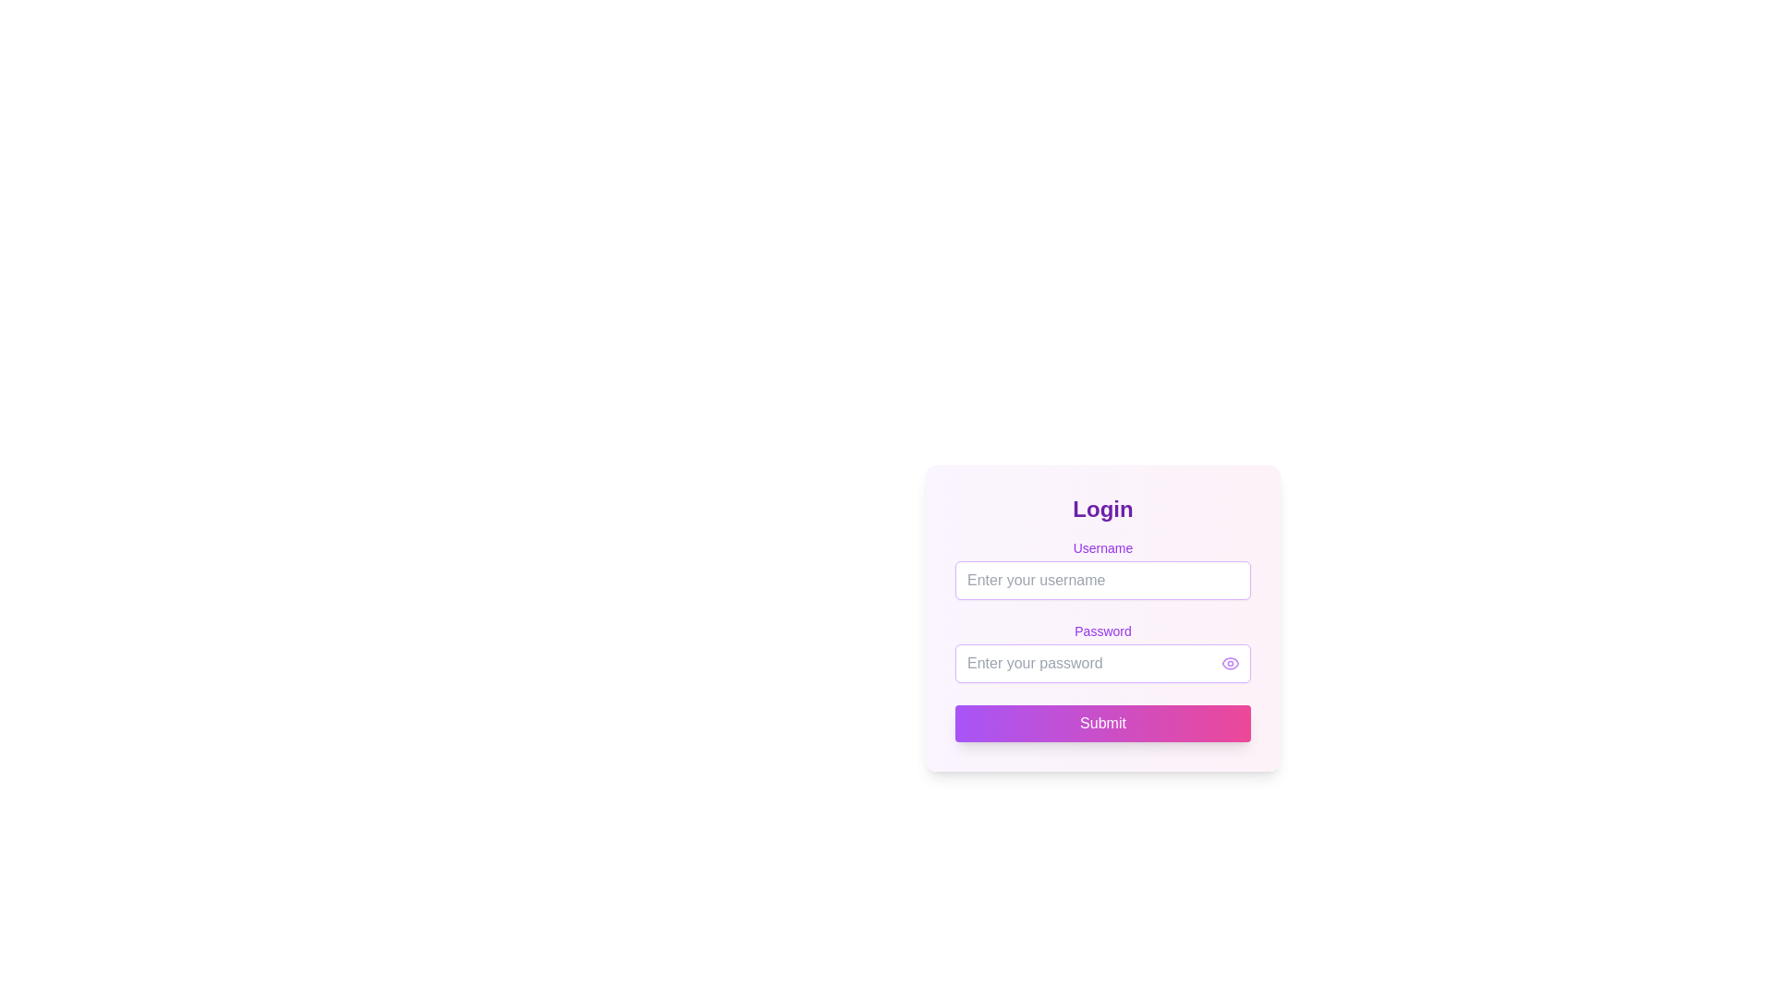 The height and width of the screenshot is (997, 1774). What do you see at coordinates (1103, 509) in the screenshot?
I see `the title text label for the login form, which is centered above the username and password input fields` at bounding box center [1103, 509].